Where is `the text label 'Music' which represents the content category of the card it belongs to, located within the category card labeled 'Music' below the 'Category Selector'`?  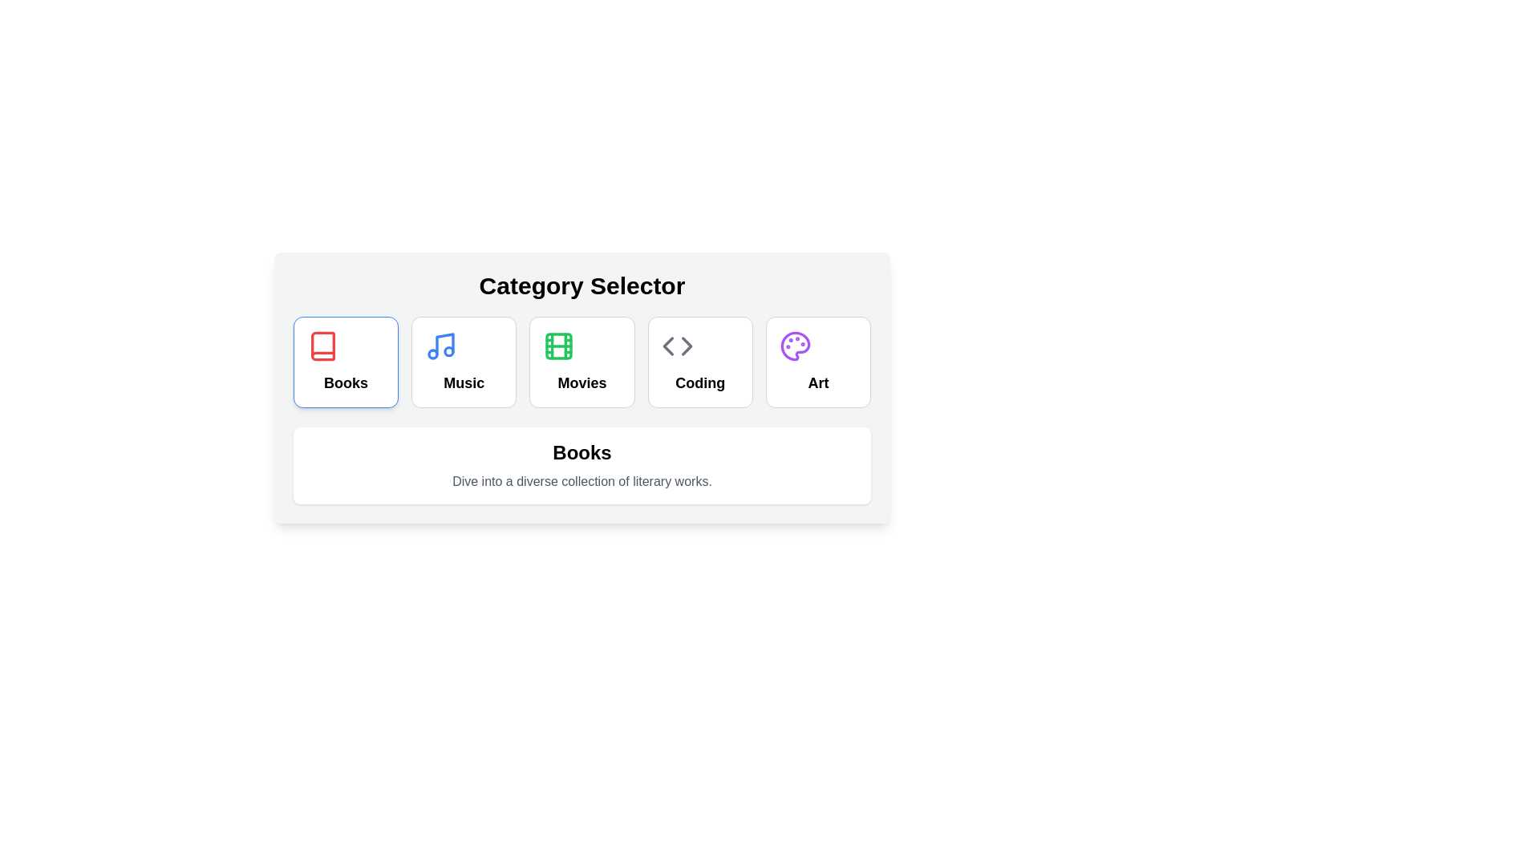
the text label 'Music' which represents the content category of the card it belongs to, located within the category card labeled 'Music' below the 'Category Selector' is located at coordinates (463, 383).